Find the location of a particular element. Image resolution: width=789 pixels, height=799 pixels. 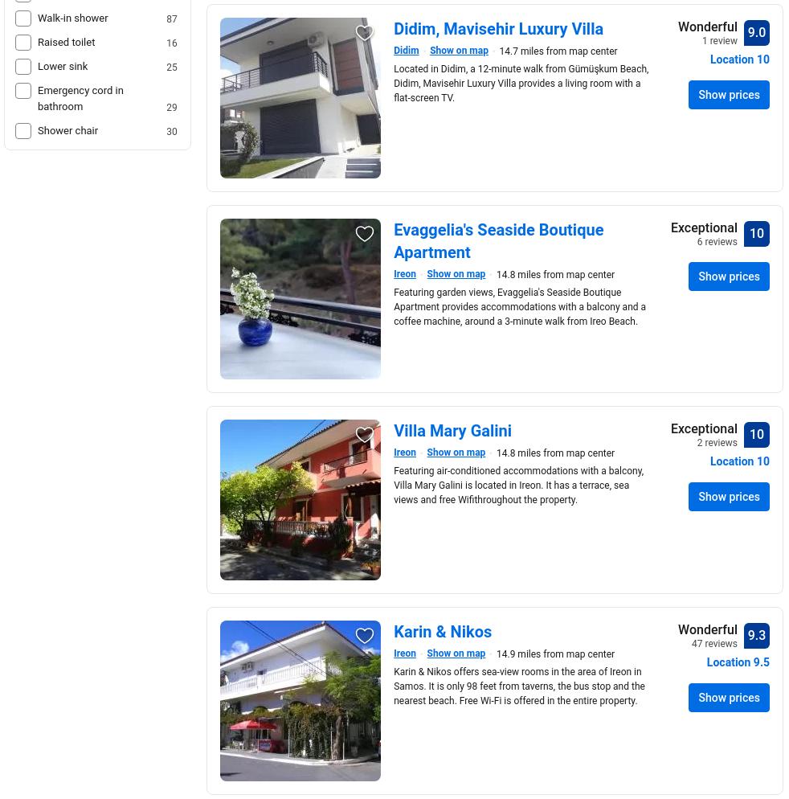

'9.5' is located at coordinates (761, 662).